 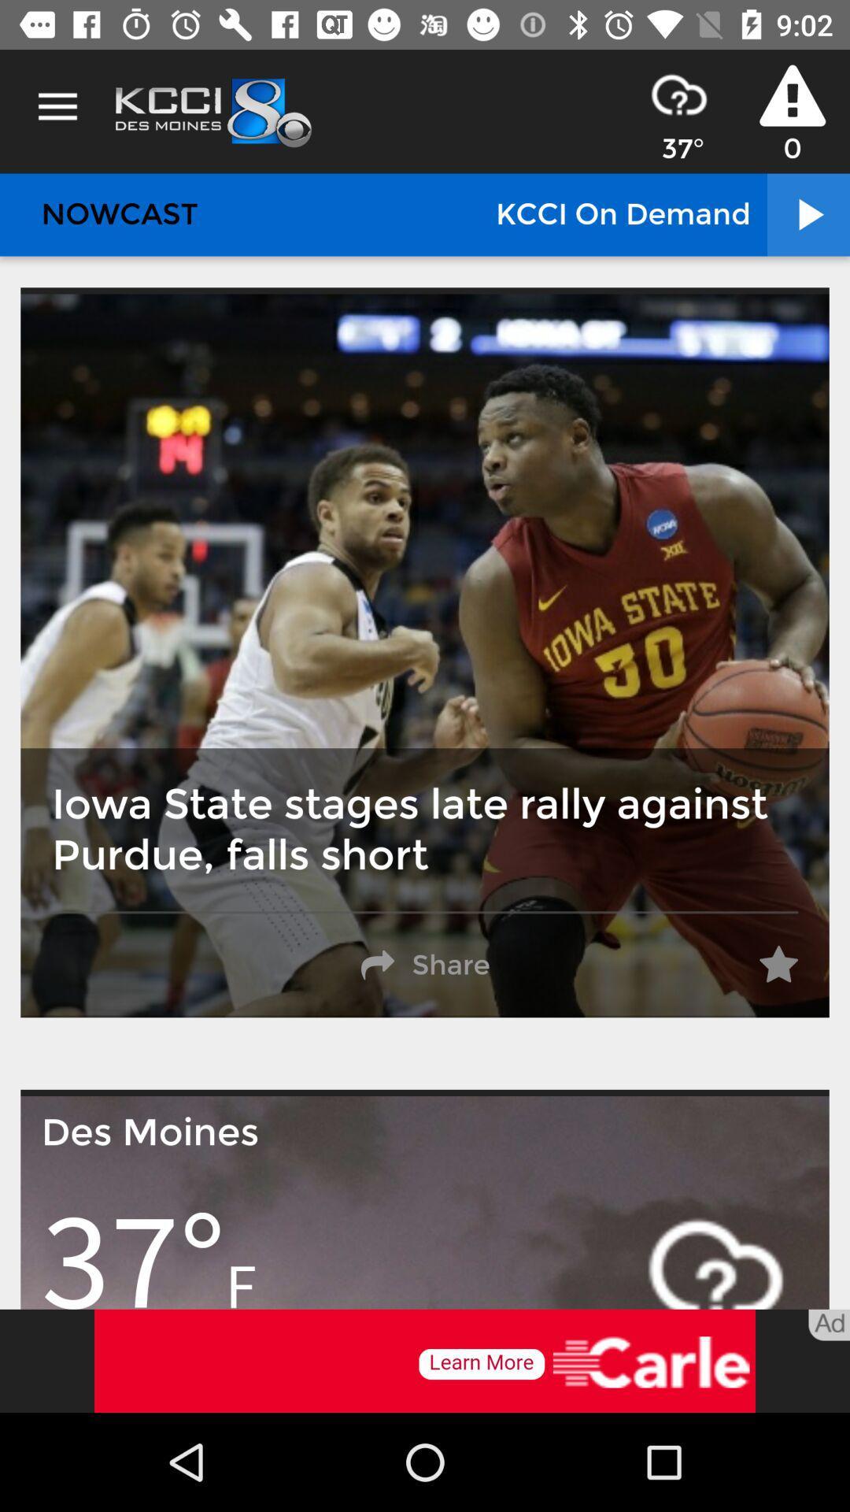 I want to click on the advertisement, so click(x=425, y=1360).